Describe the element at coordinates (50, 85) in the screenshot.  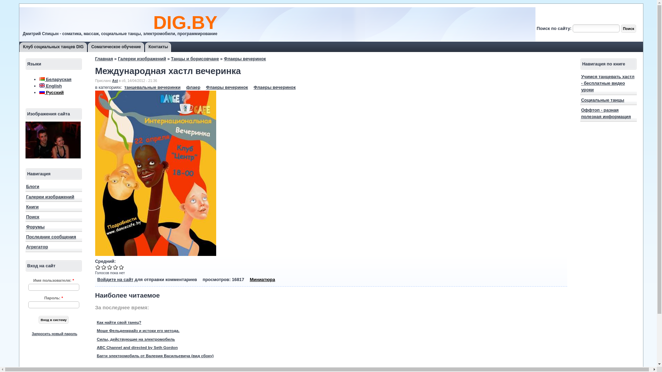
I see `'English'` at that location.